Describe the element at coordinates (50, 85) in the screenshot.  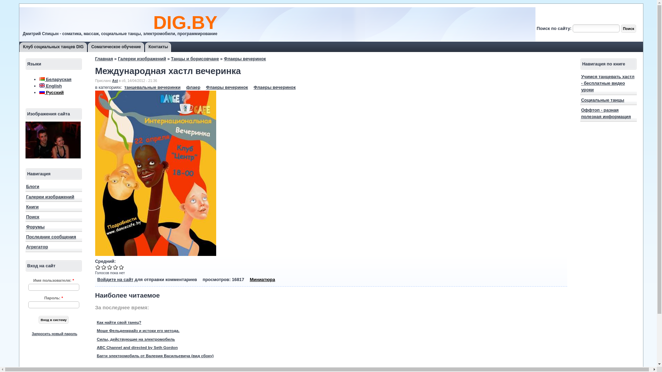
I see `'English'` at that location.